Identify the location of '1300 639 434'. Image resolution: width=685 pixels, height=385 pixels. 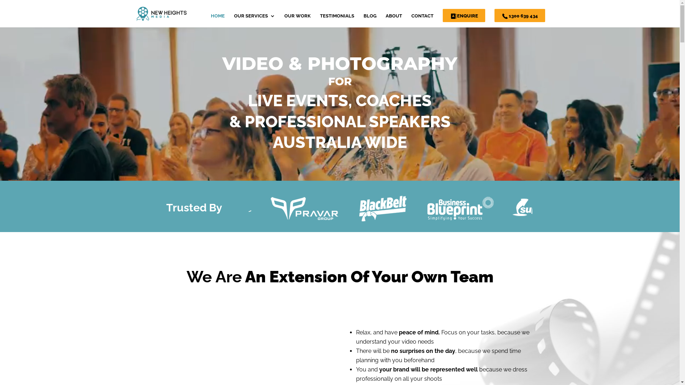
(520, 15).